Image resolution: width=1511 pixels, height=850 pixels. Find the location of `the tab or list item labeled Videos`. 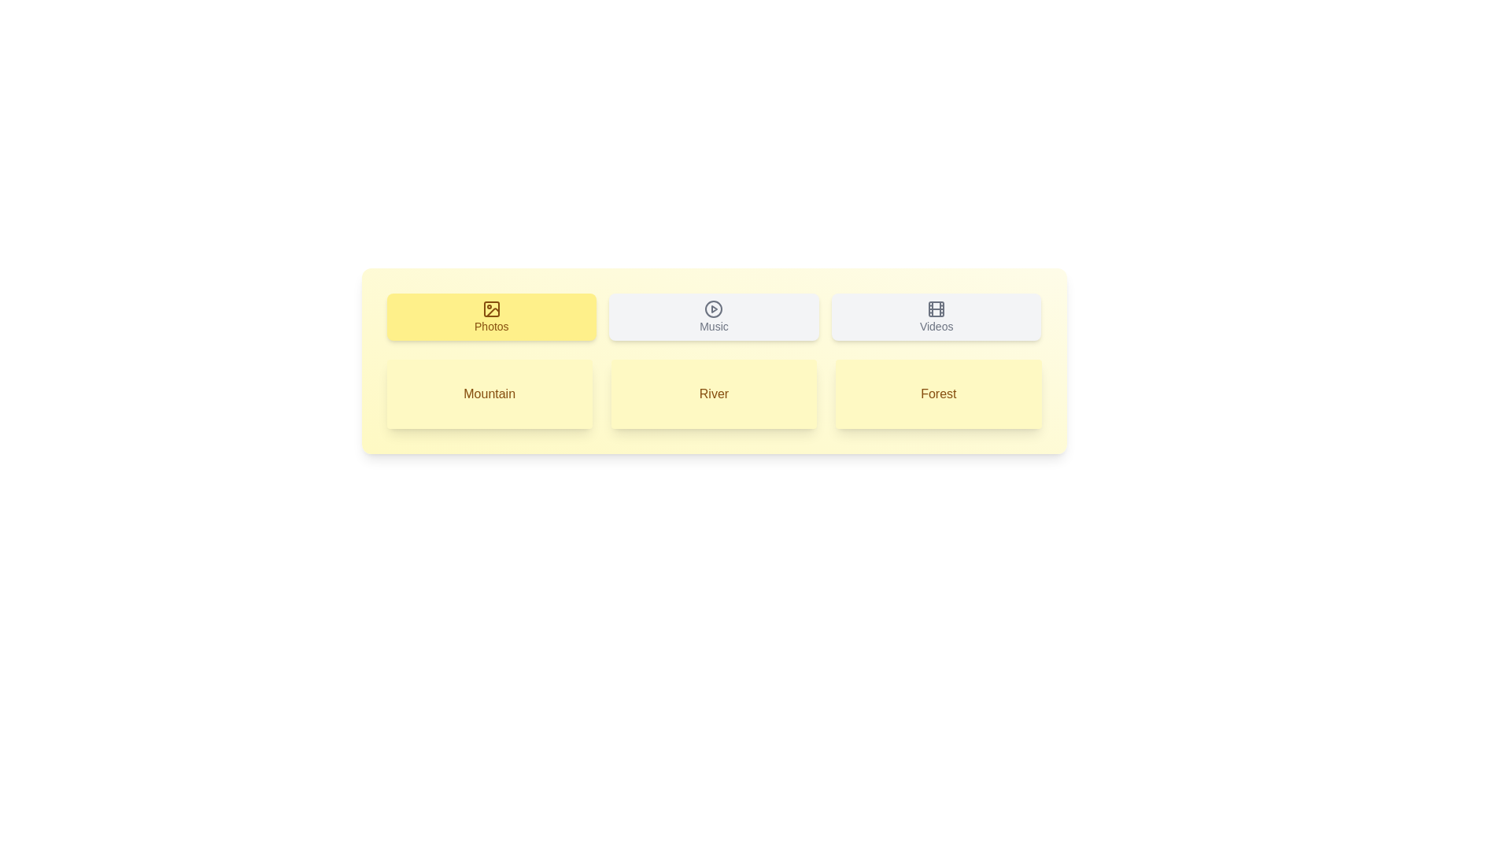

the tab or list item labeled Videos is located at coordinates (937, 316).